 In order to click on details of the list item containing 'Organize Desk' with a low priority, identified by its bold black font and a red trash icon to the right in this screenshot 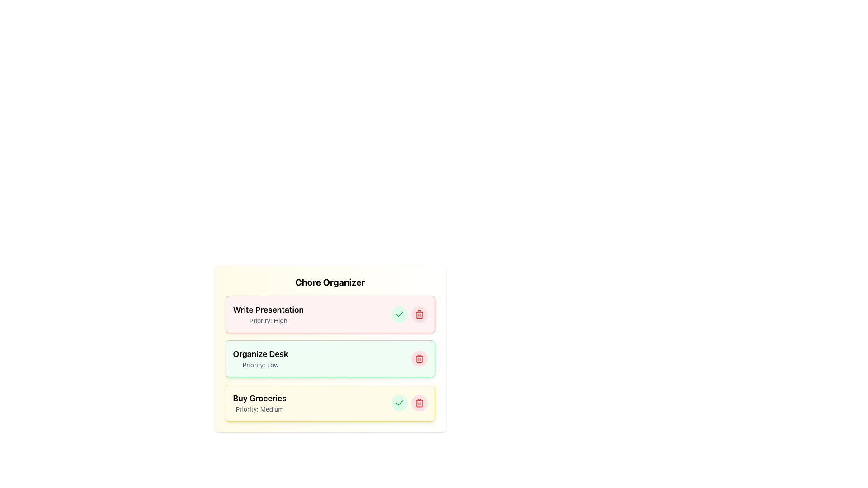, I will do `click(330, 358)`.